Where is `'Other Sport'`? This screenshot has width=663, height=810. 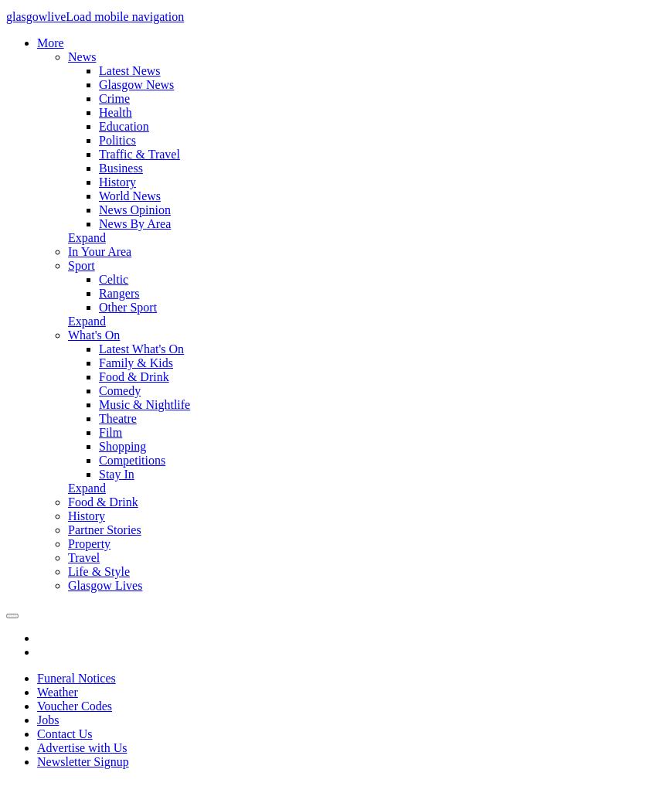
'Other Sport' is located at coordinates (127, 307).